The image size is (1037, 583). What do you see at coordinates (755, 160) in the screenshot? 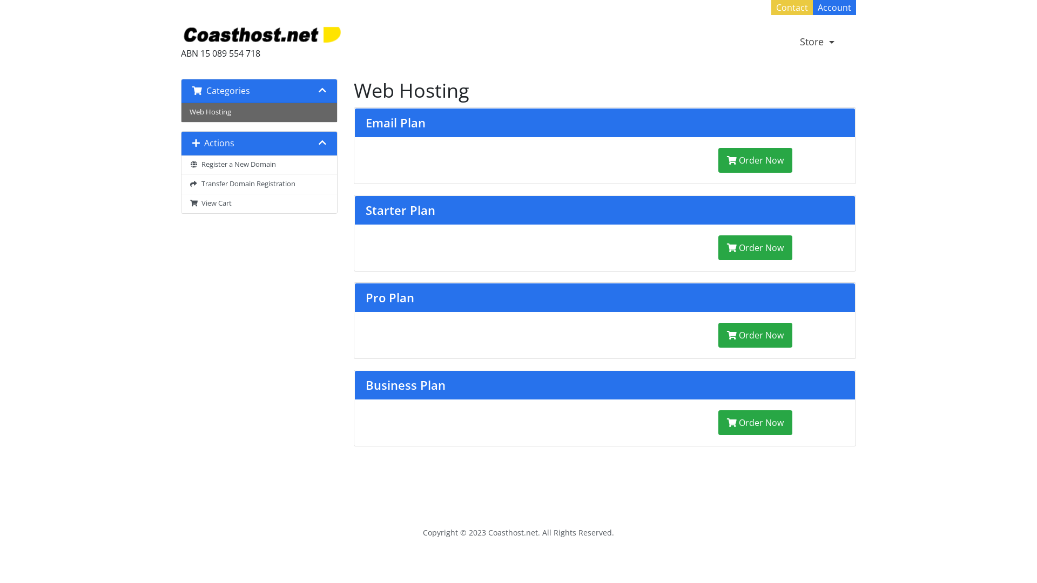
I see `'Order Now'` at bounding box center [755, 160].